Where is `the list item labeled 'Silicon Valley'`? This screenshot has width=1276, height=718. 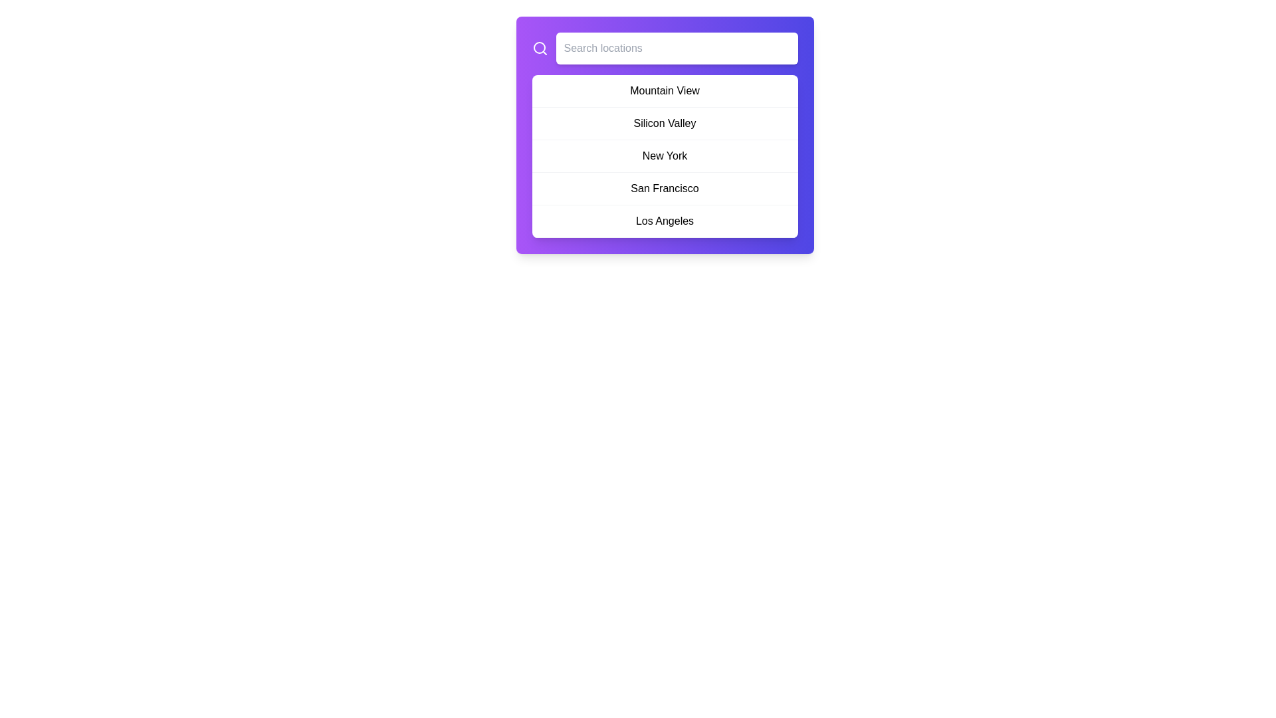
the list item labeled 'Silicon Valley' is located at coordinates (665, 135).